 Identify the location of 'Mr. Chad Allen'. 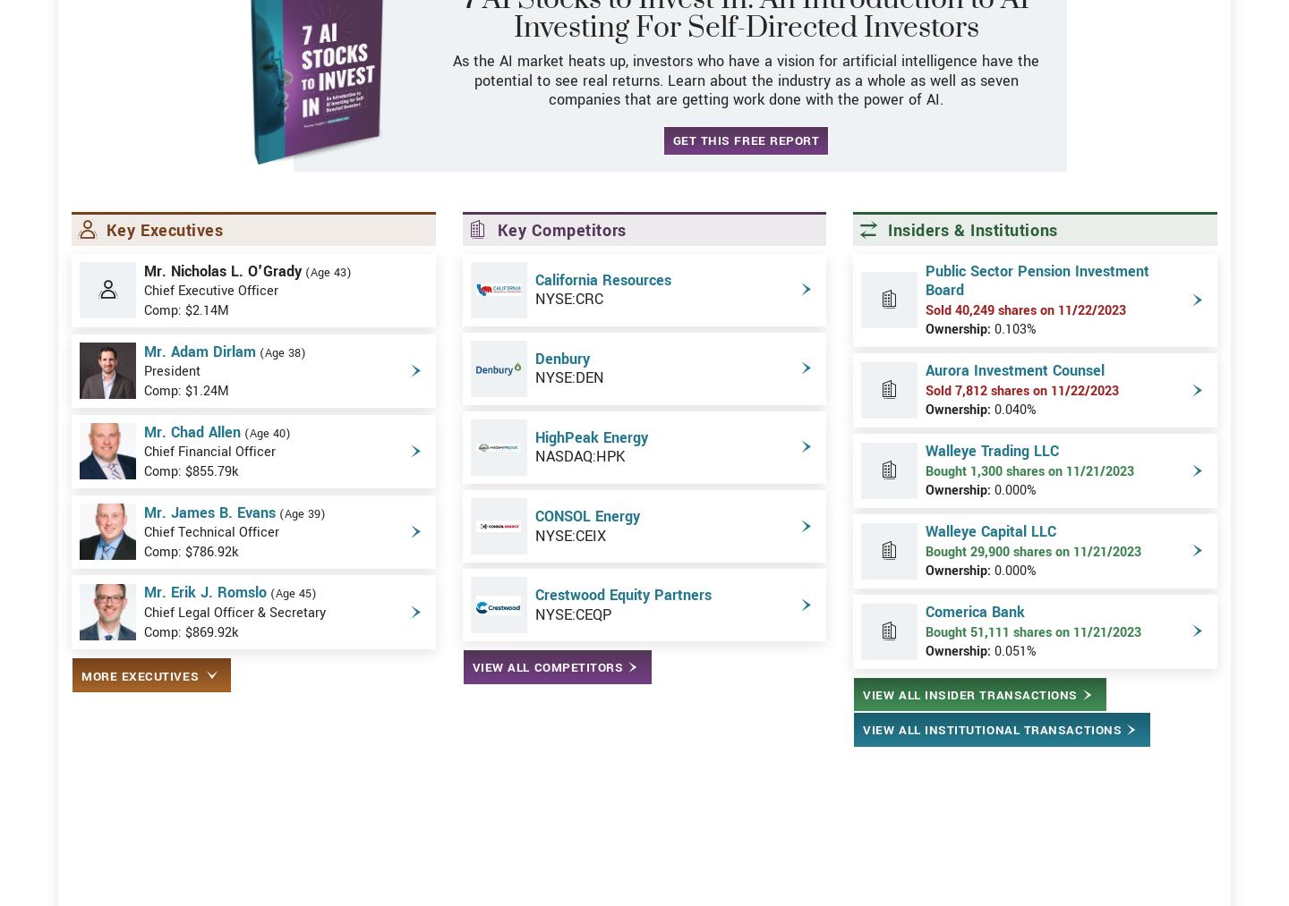
(192, 495).